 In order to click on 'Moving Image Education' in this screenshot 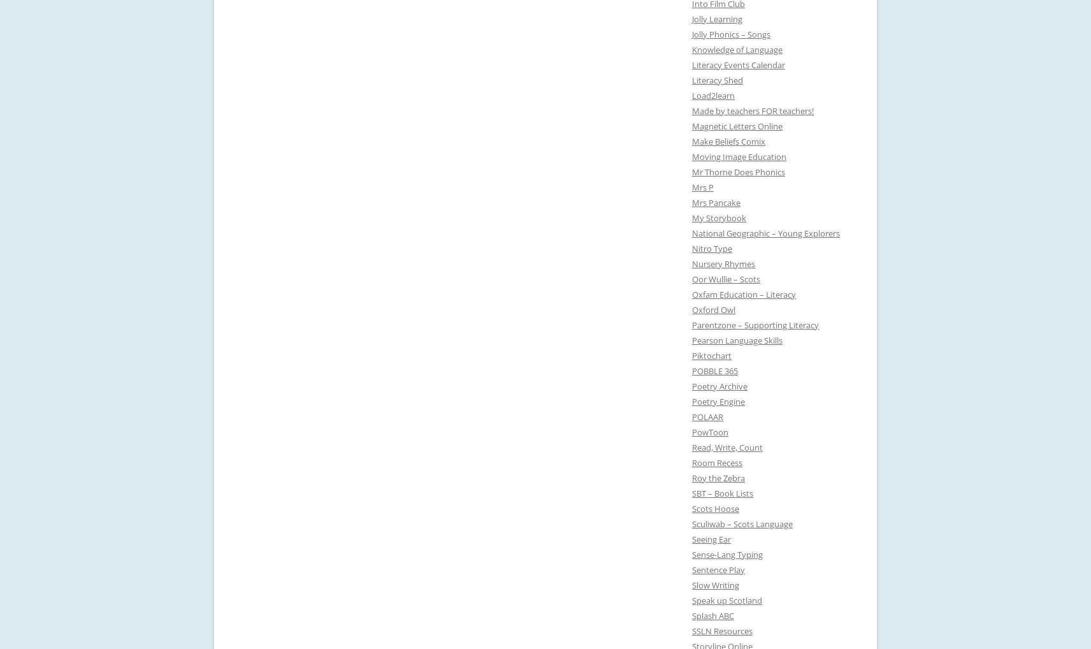, I will do `click(691, 156)`.